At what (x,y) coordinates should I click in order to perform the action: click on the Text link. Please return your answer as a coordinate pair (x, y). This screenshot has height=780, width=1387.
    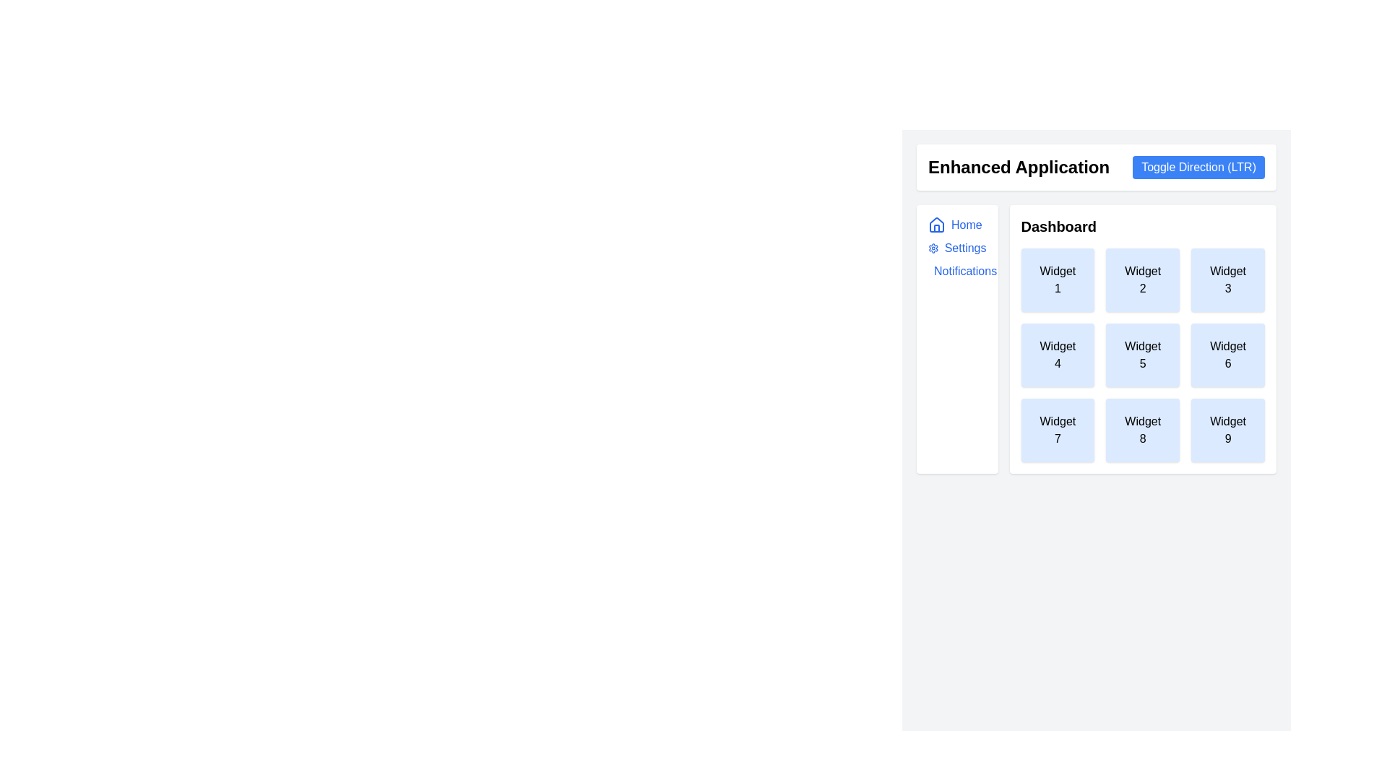
    Looking at the image, I should click on (965, 247).